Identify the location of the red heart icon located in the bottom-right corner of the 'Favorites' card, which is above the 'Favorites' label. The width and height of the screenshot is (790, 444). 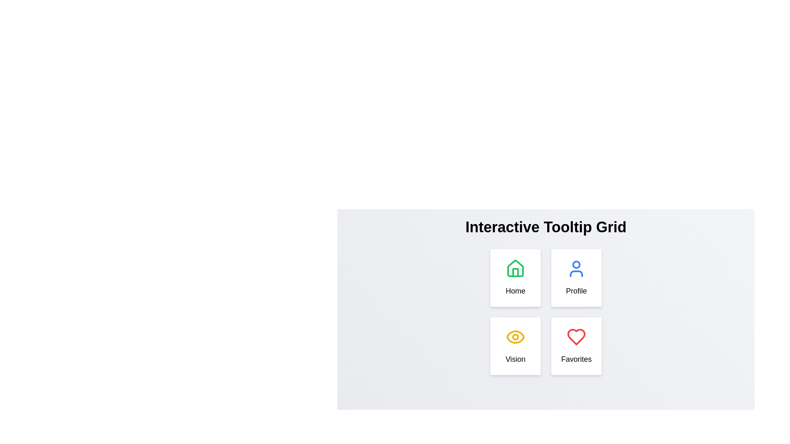
(576, 337).